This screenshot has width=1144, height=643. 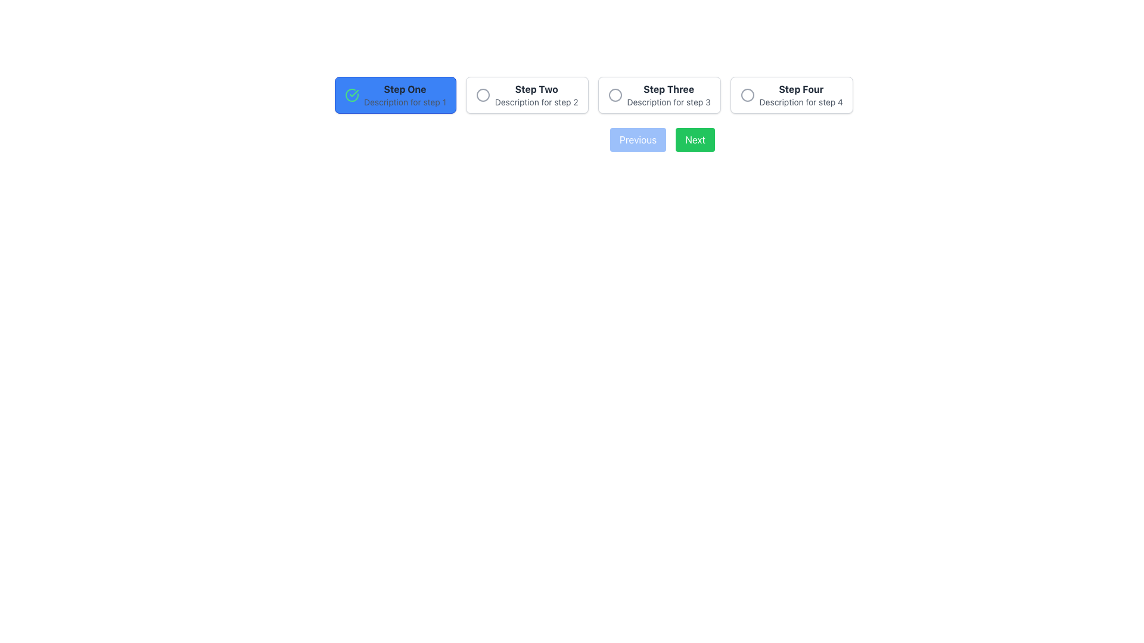 I want to click on the unselected step indicator for 'Step Three' in the multi-step navigation interface, so click(x=615, y=94).